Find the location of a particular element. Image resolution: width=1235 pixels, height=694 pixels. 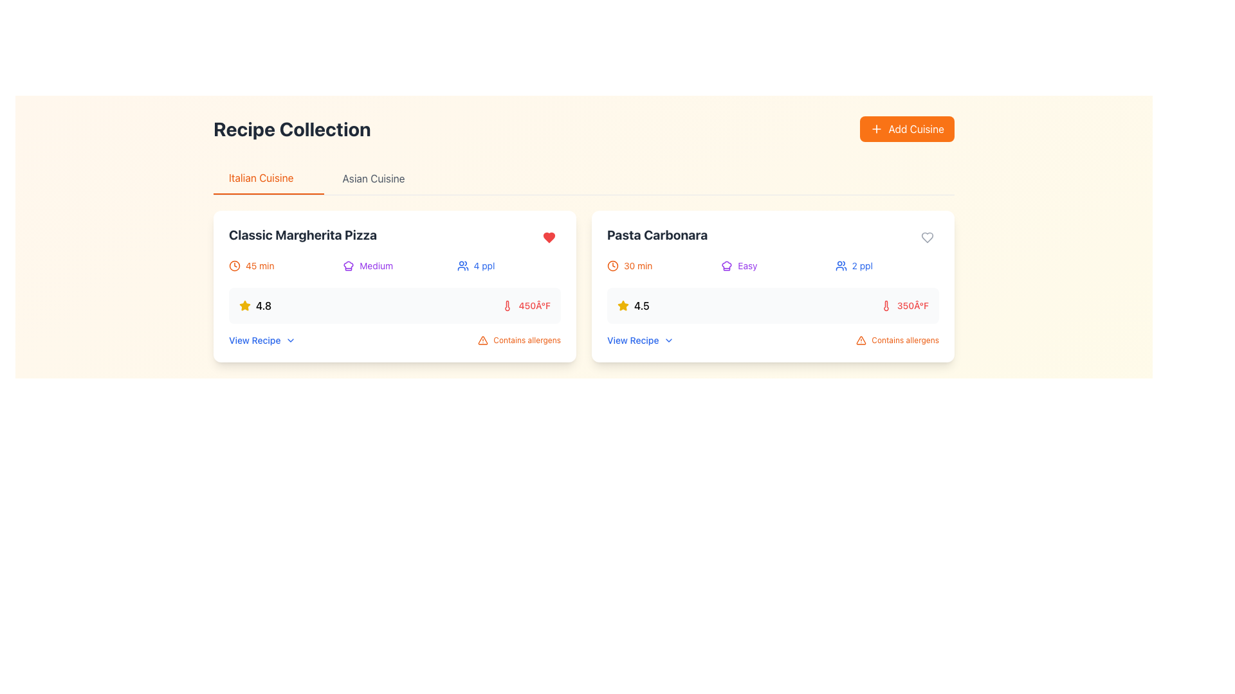

the button located at the bottom left corner of the 'Classic Margherita Pizza' recipe card for keyboard navigation is located at coordinates (262, 339).